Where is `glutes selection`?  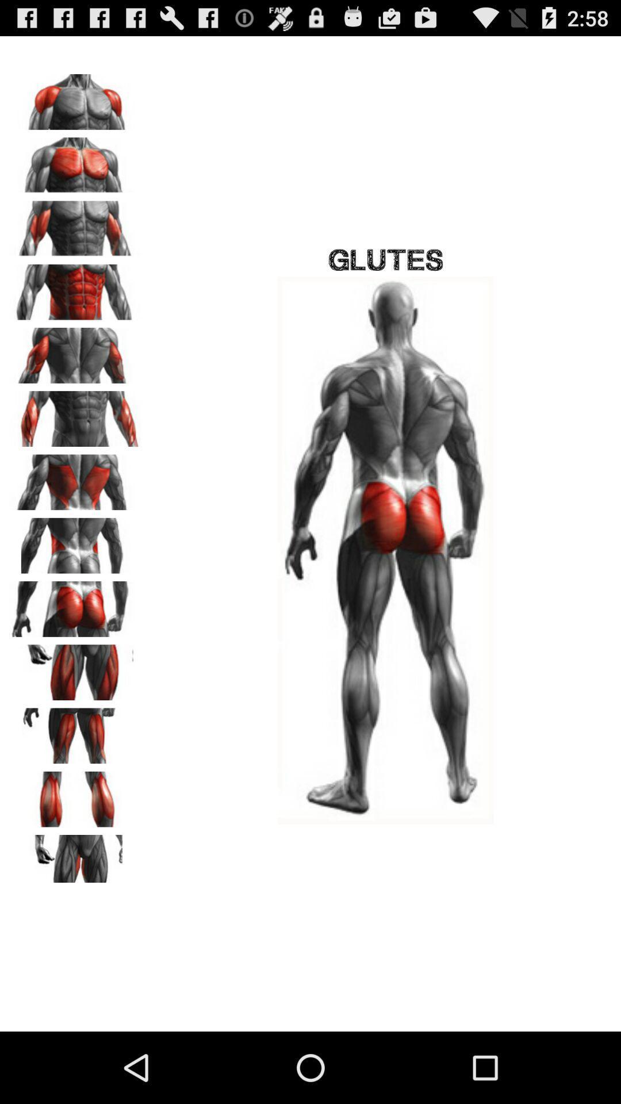
glutes selection is located at coordinates (75, 604).